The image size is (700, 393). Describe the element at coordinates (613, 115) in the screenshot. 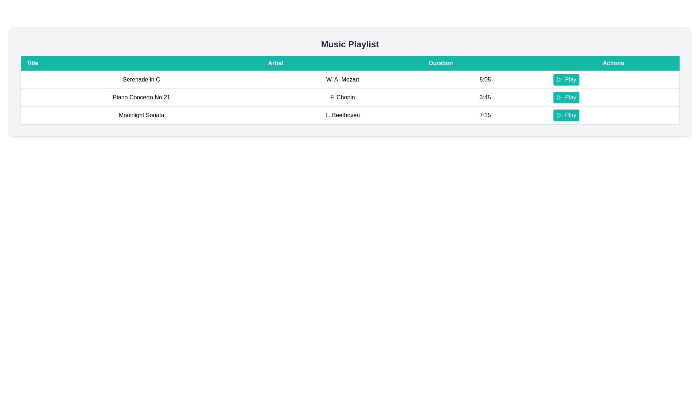

I see `the playback button located in the 'Actions' column of the last row of the music playlist table for the 'Moonlight Sonata' entry` at that location.